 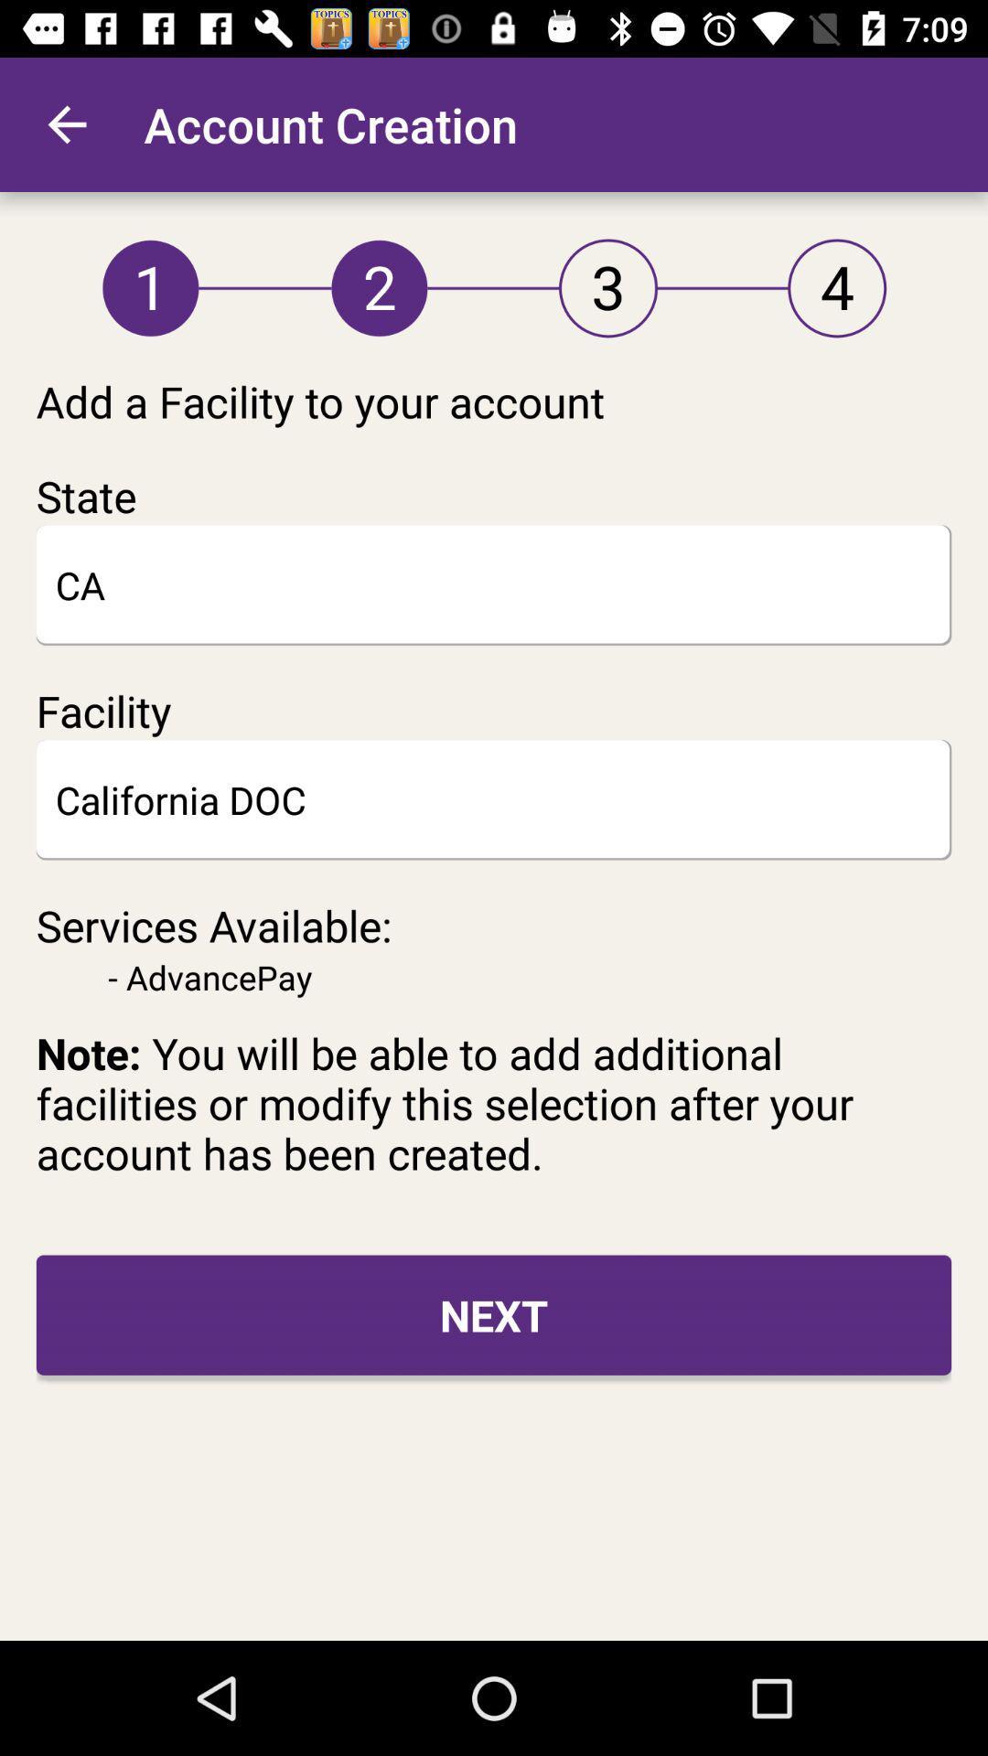 I want to click on next item, so click(x=494, y=1314).